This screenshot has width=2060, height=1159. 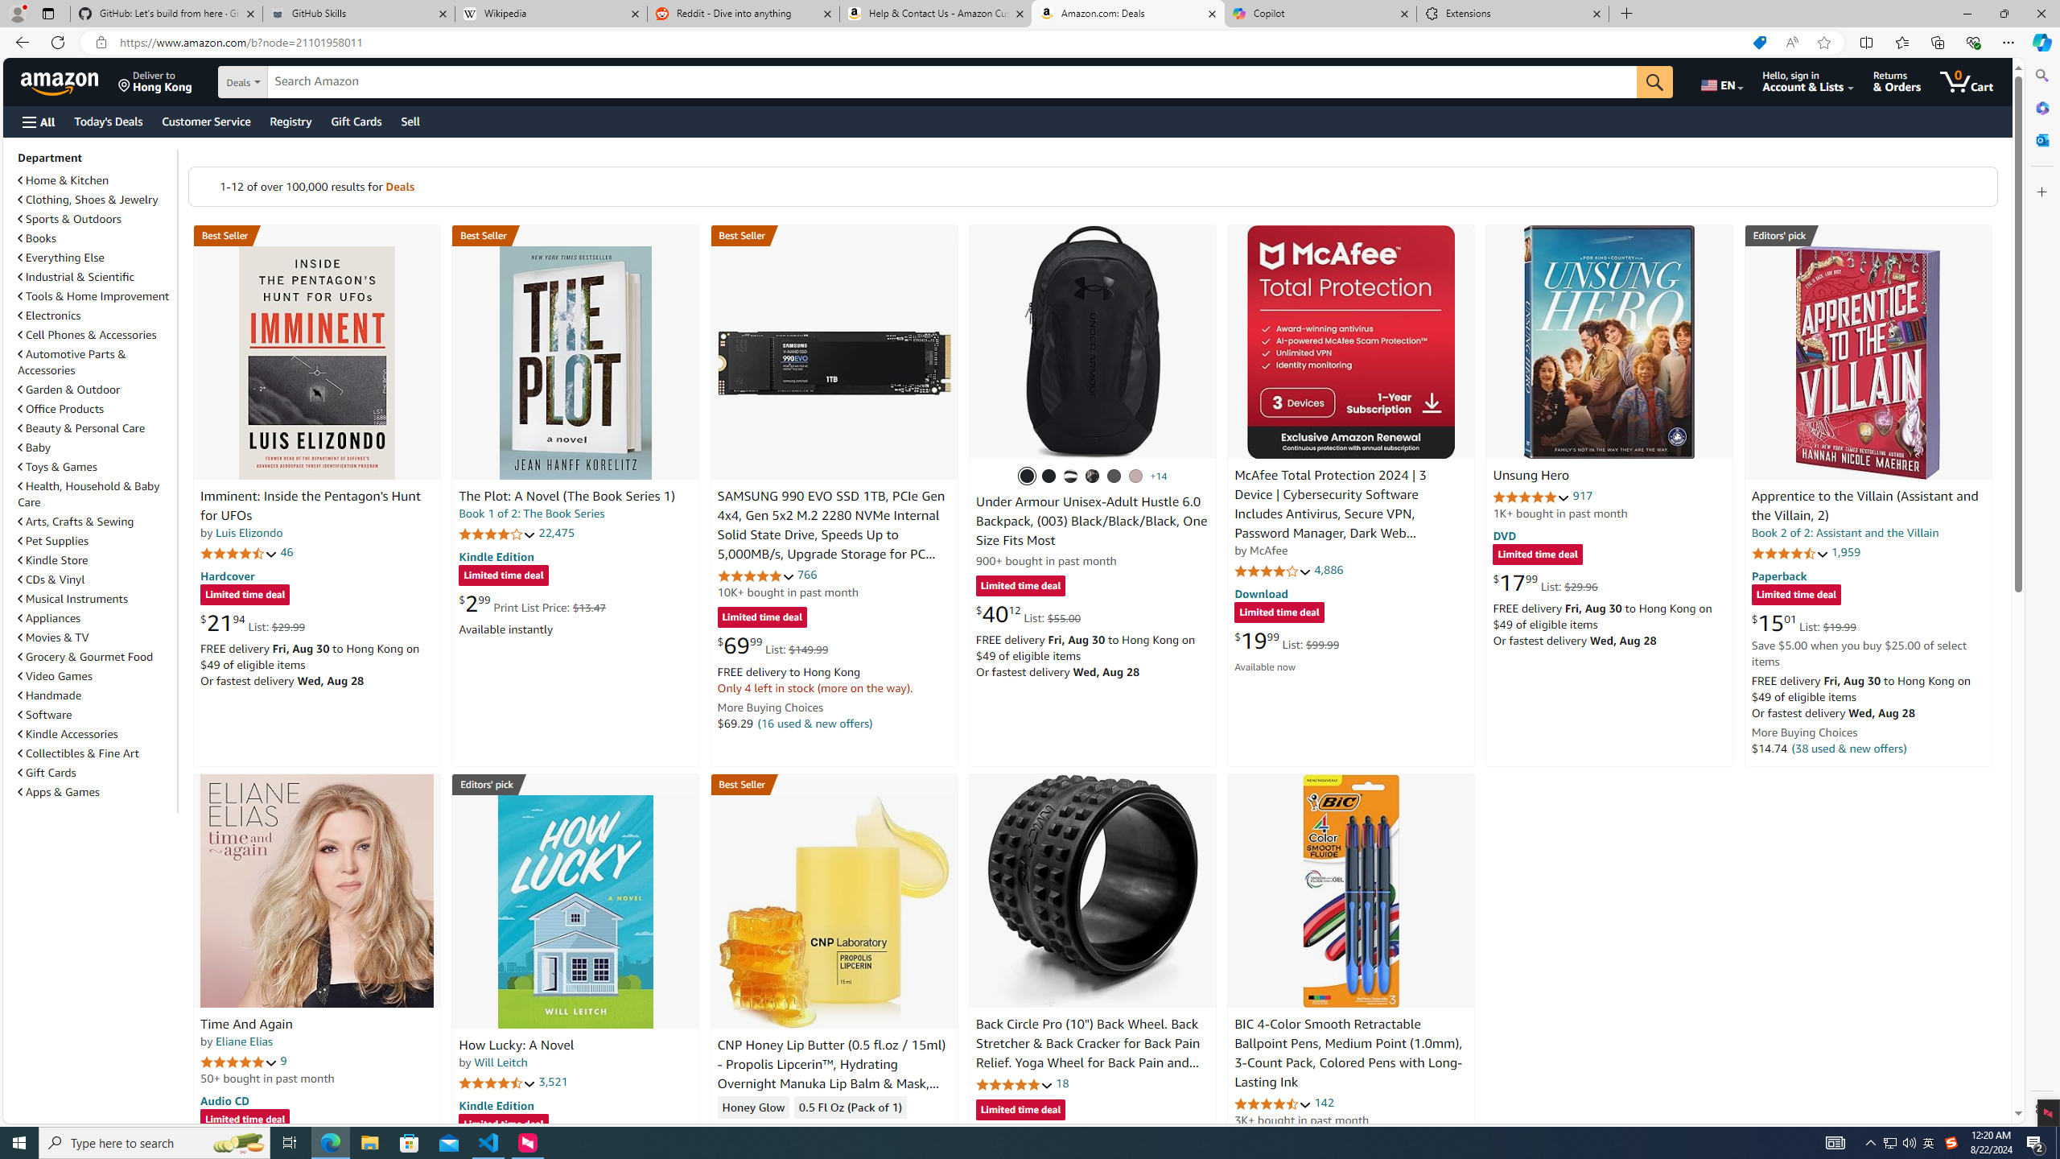 What do you see at coordinates (1545, 582) in the screenshot?
I see `'$17.99 List: $29.96'` at bounding box center [1545, 582].